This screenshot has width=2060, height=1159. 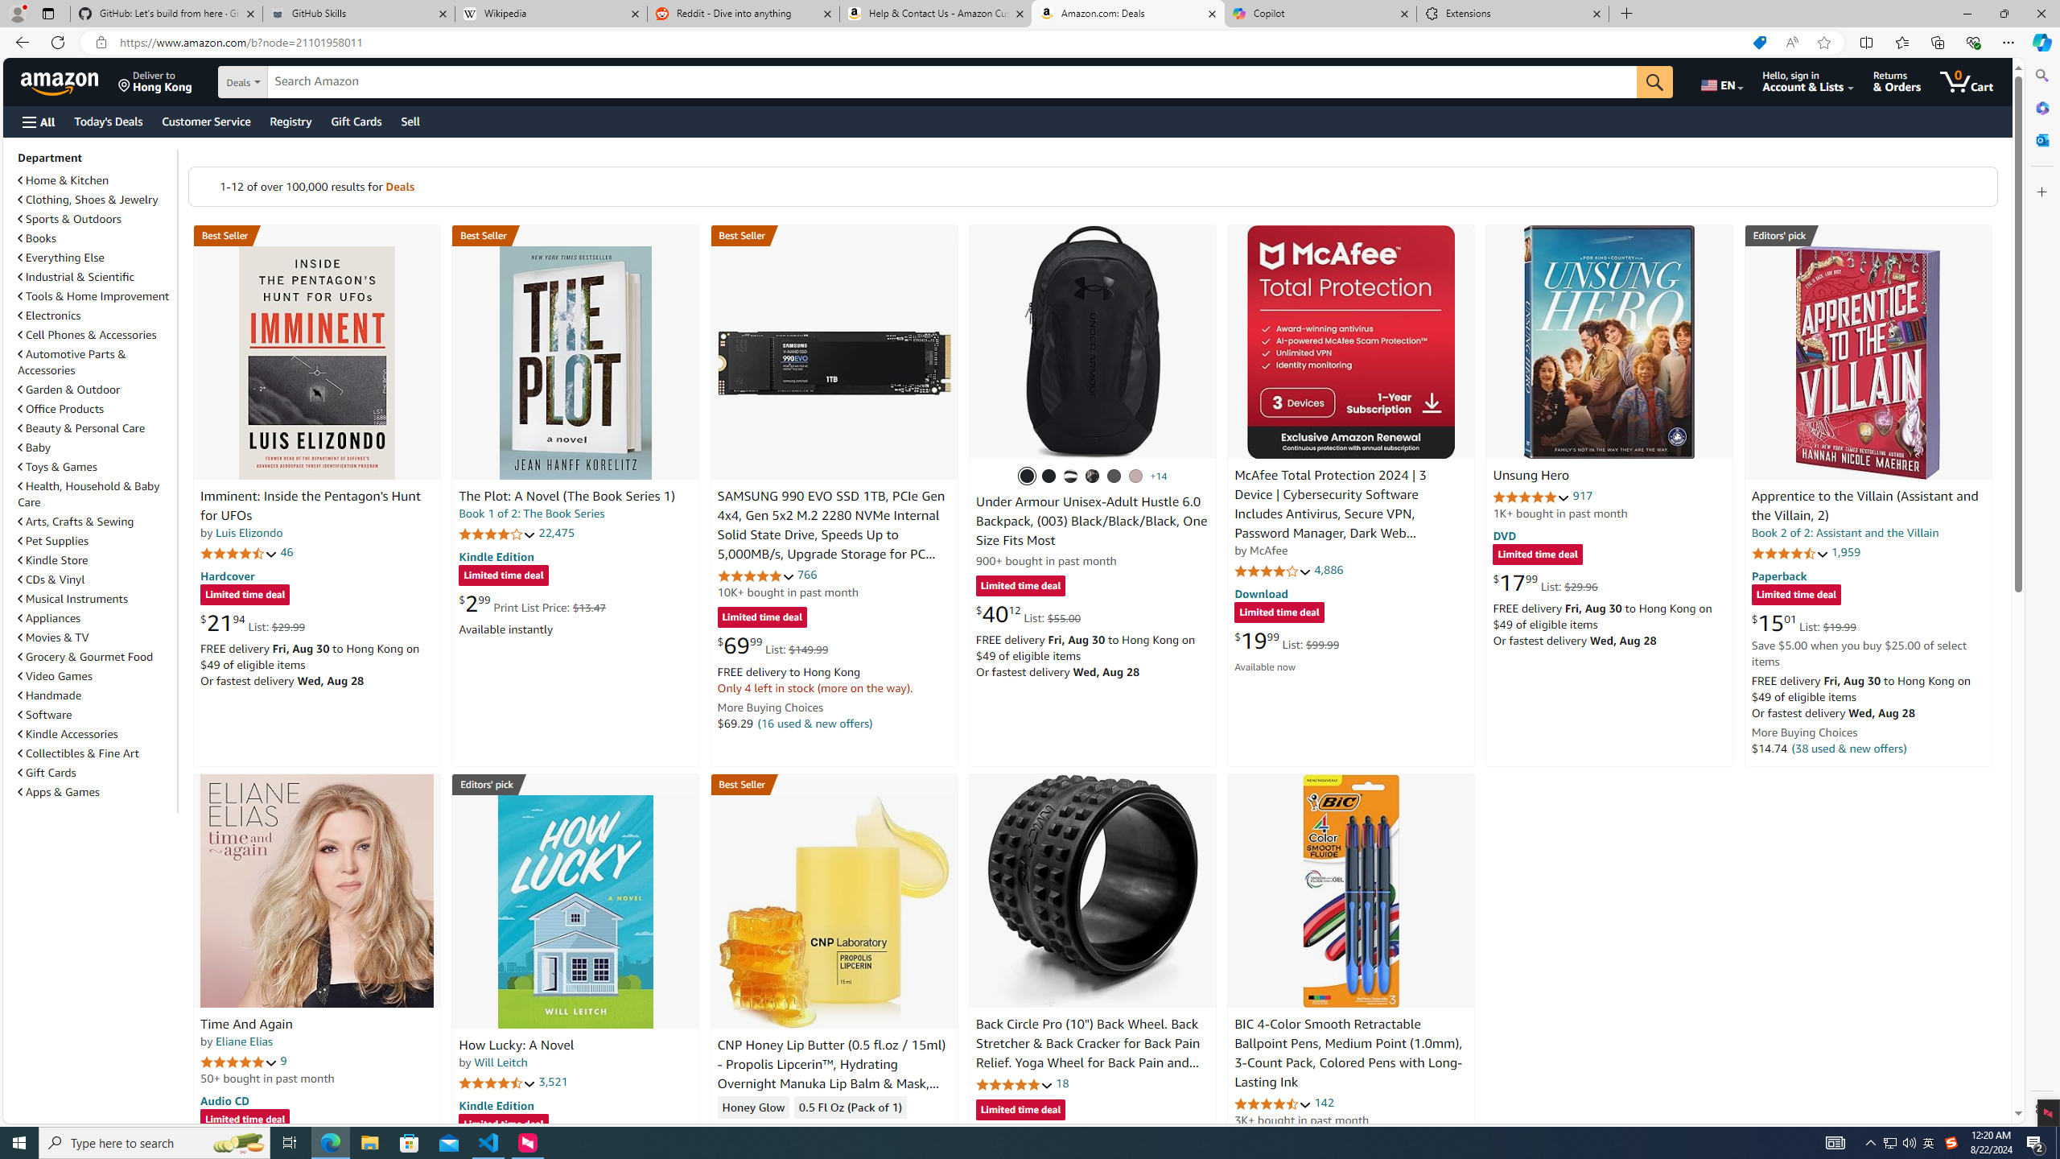 What do you see at coordinates (1545, 582) in the screenshot?
I see `'$17.99 List: $29.96'` at bounding box center [1545, 582].